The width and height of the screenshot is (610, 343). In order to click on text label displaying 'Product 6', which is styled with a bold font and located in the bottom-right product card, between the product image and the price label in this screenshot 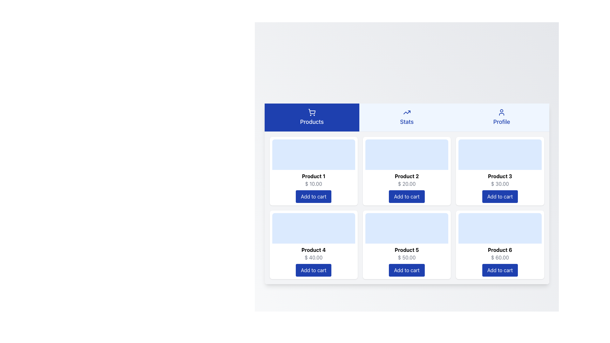, I will do `click(499, 249)`.